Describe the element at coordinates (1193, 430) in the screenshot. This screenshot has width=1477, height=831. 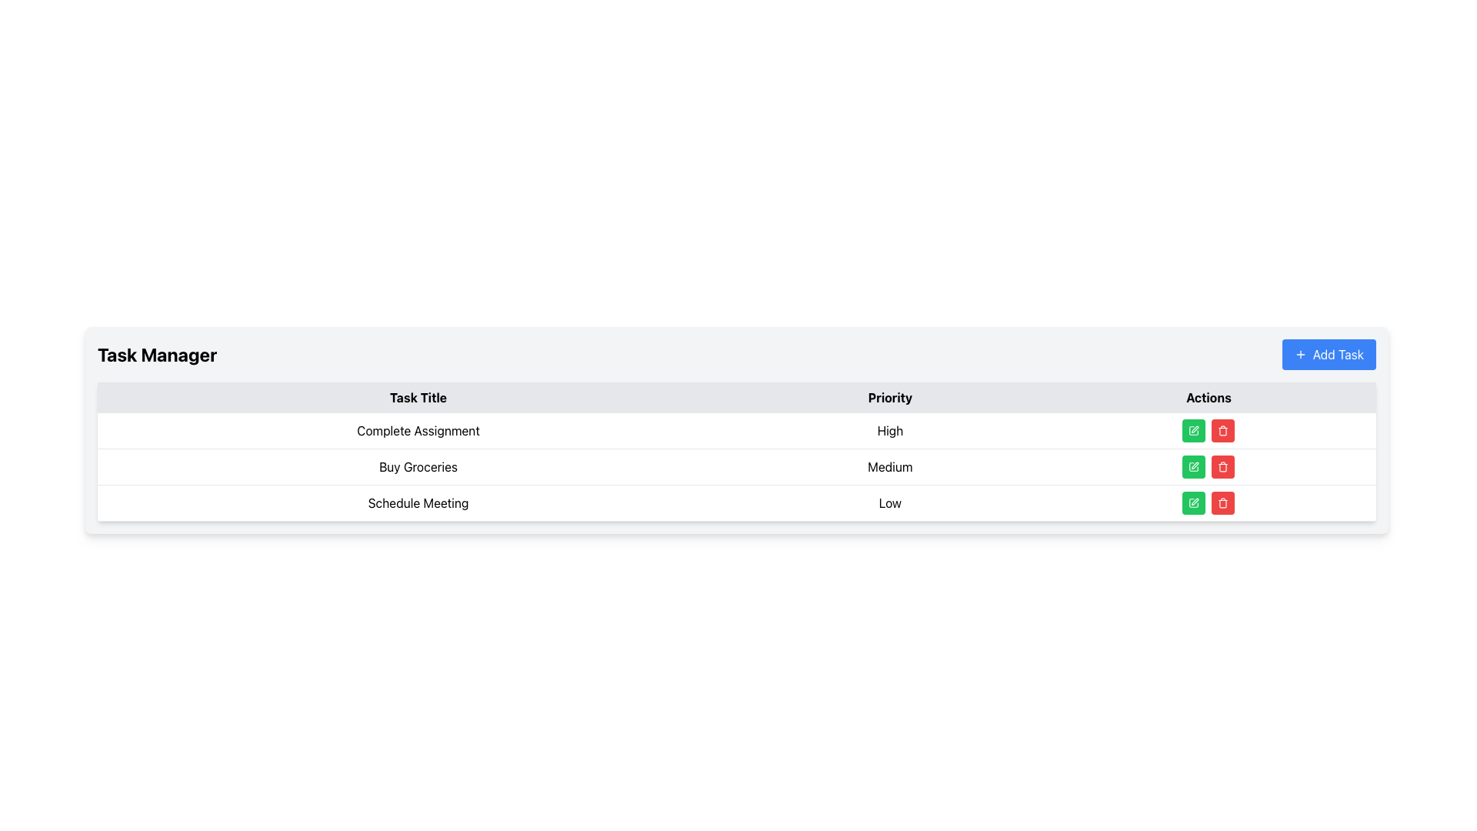
I see `the edit button located in the Actions column of the first row of the task management table` at that location.